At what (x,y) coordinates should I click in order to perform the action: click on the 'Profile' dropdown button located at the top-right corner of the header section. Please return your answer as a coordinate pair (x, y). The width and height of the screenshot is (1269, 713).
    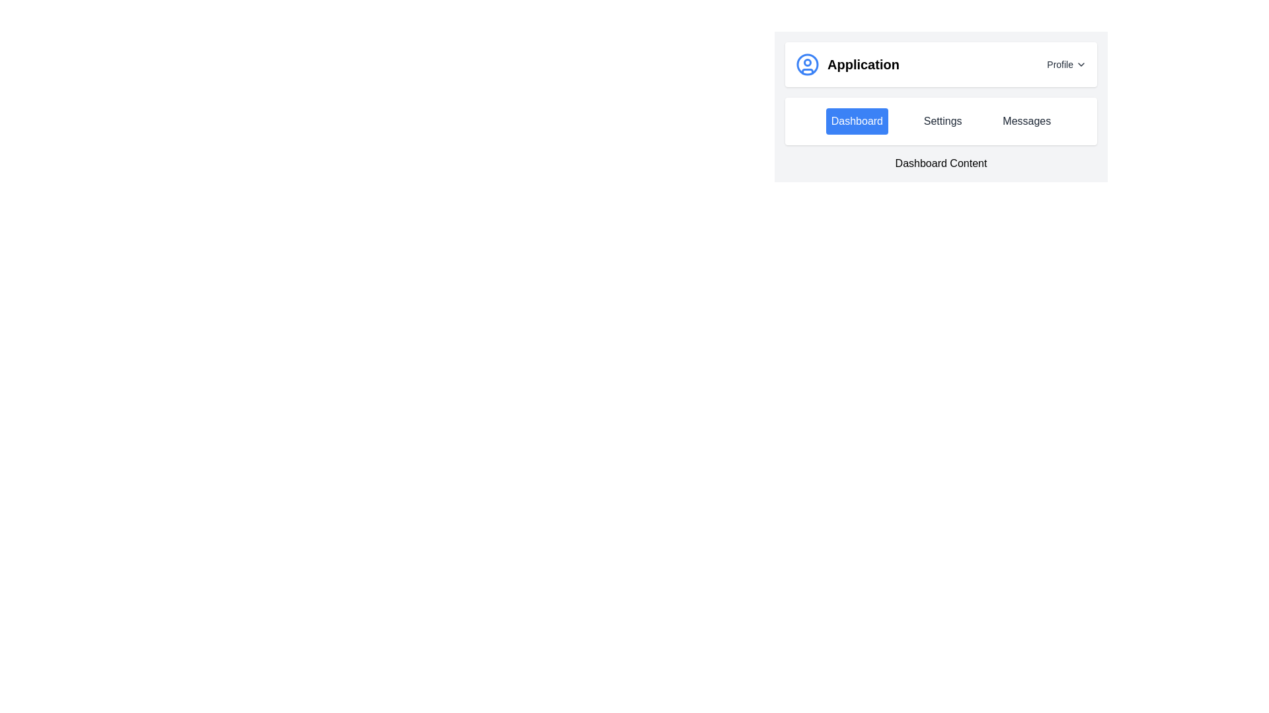
    Looking at the image, I should click on (1067, 64).